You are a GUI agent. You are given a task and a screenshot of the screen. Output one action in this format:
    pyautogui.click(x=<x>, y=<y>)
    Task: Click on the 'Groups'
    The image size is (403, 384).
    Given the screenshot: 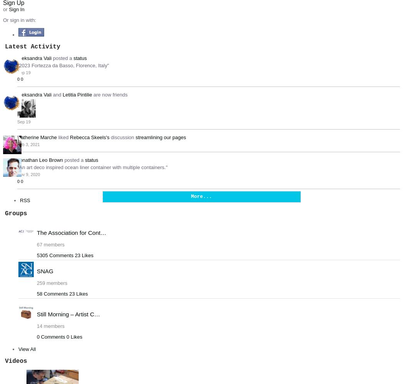 What is the action you would take?
    pyautogui.click(x=15, y=213)
    